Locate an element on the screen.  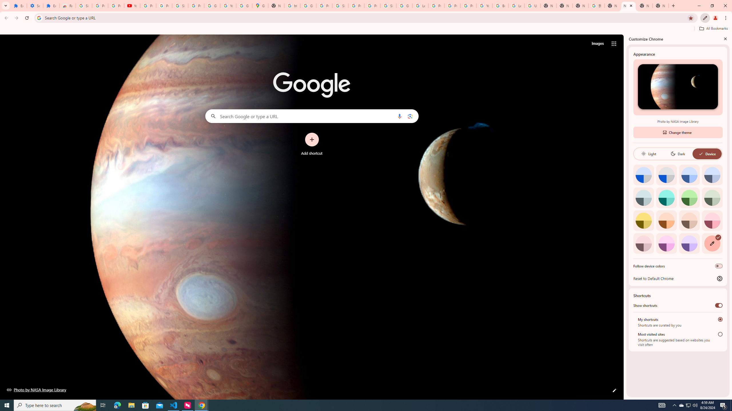
'Google apps' is located at coordinates (613, 43).